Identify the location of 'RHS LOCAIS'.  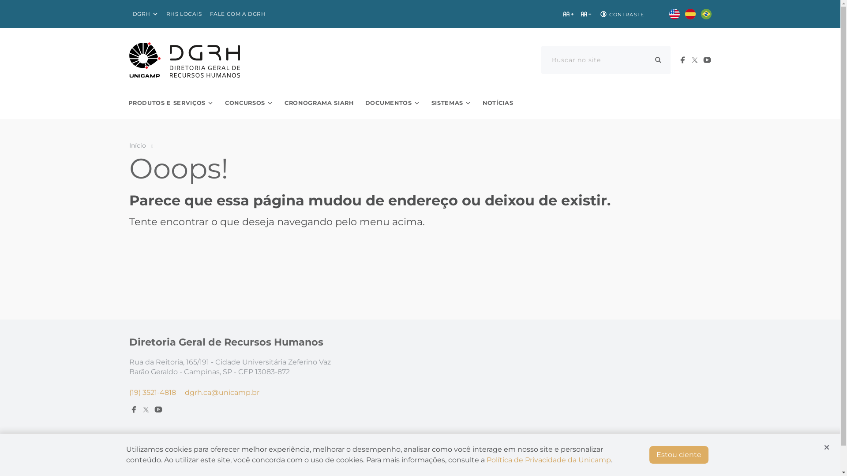
(184, 14).